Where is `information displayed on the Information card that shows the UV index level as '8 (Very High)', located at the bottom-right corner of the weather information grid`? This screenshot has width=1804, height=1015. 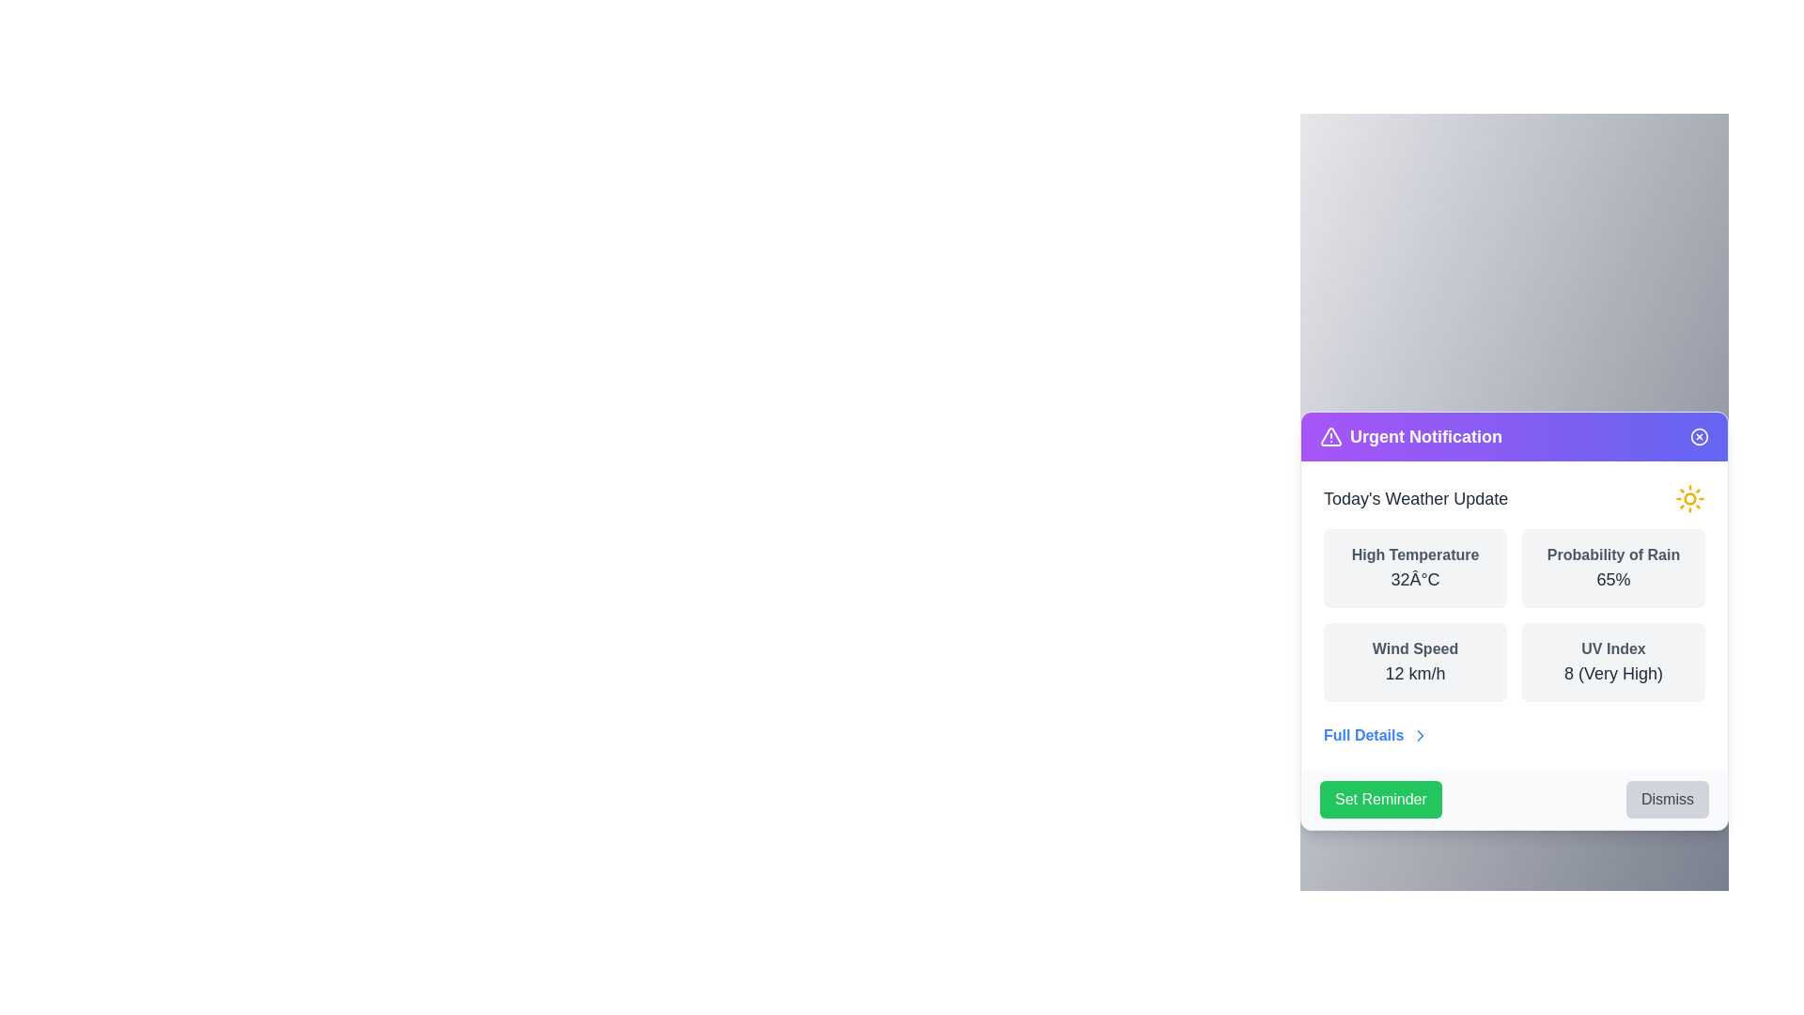 information displayed on the Information card that shows the UV index level as '8 (Very High)', located at the bottom-right corner of the weather information grid is located at coordinates (1612, 662).